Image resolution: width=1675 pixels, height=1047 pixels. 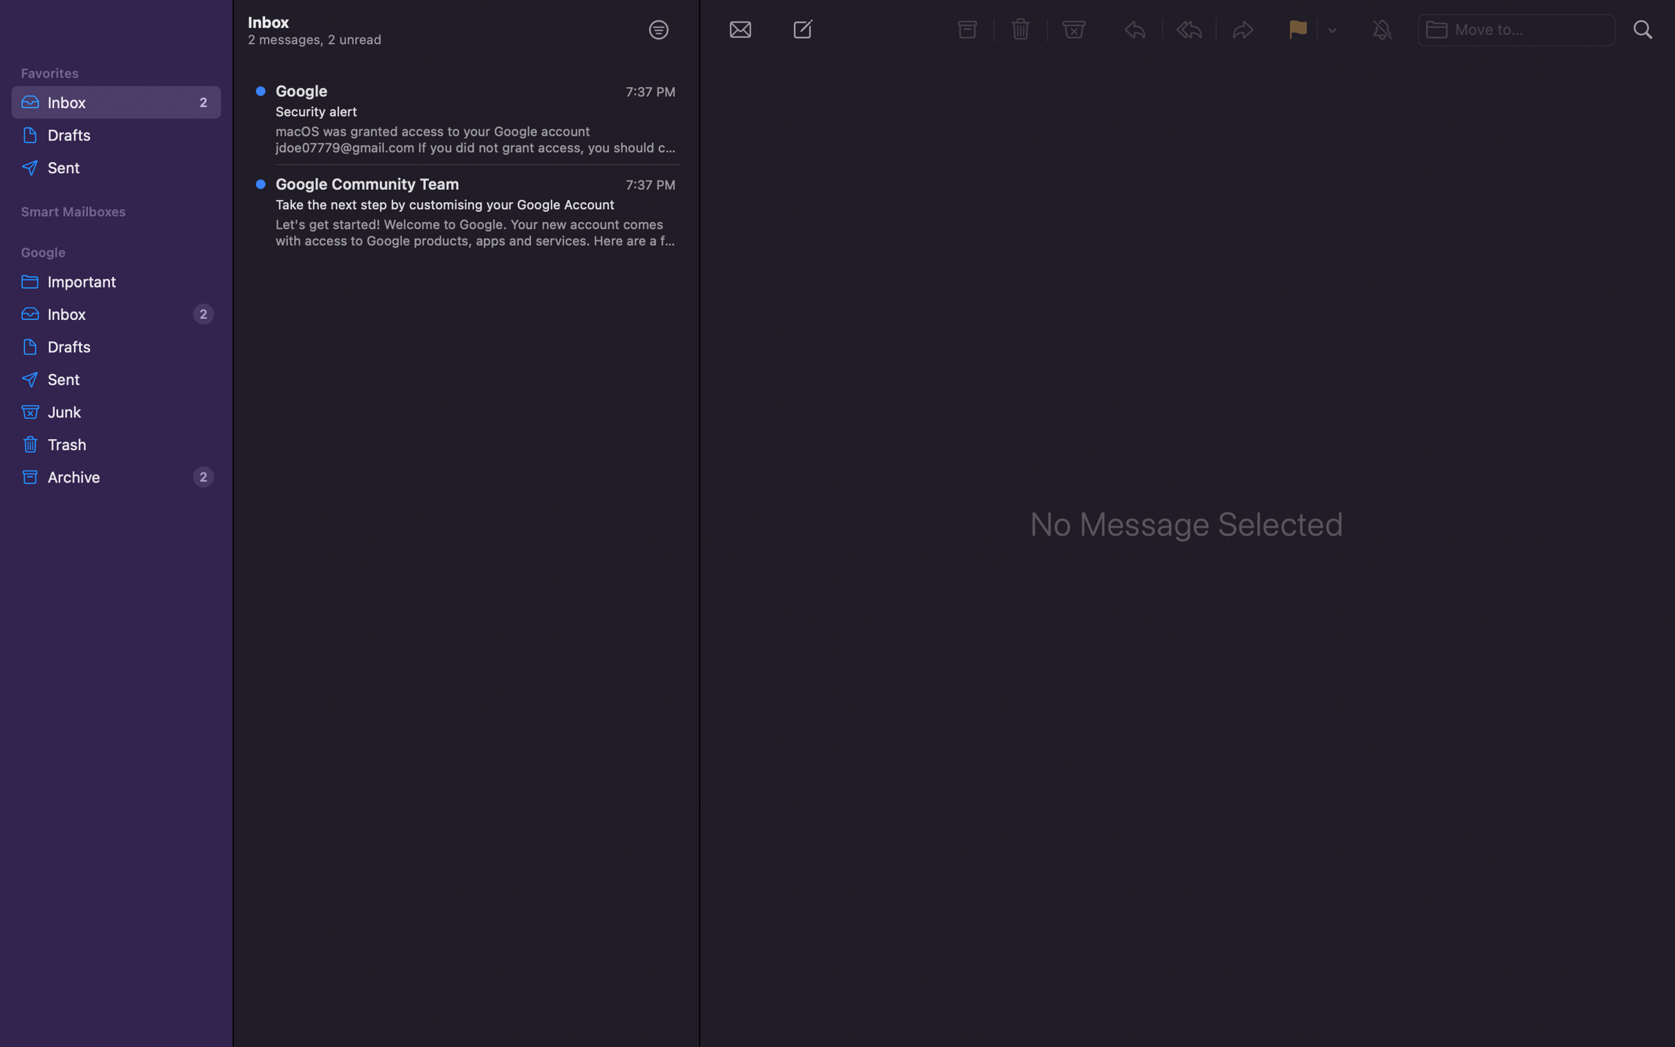 I want to click on Shift the chosen message to the bar, so click(x=1519, y=27).